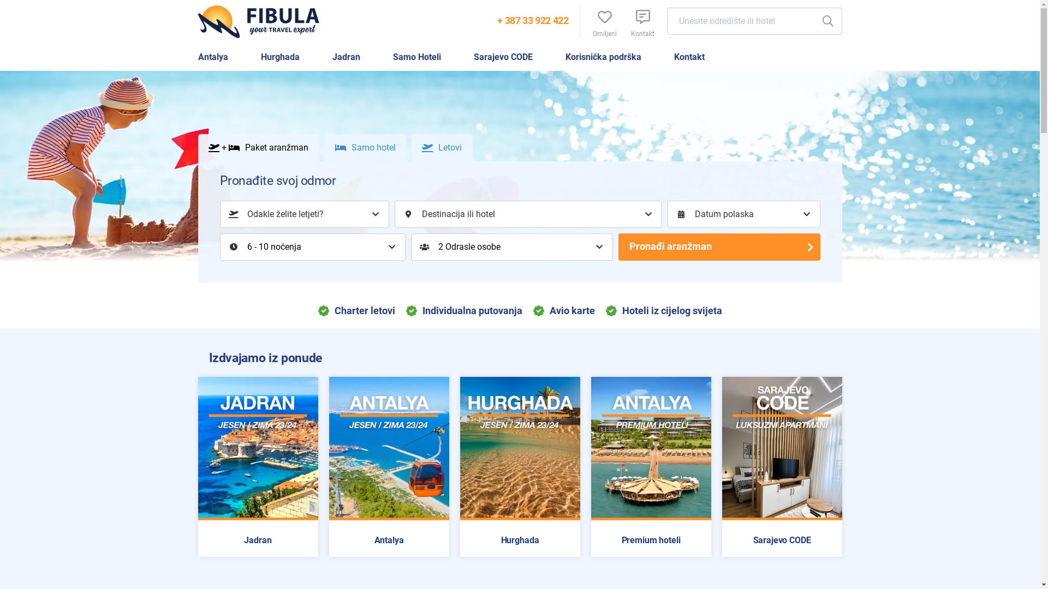  I want to click on 'Jadran', so click(345, 57).